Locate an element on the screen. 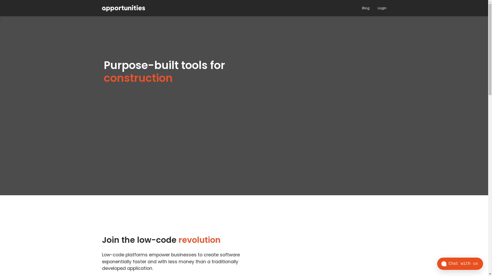  'Blog' is located at coordinates (365, 8).